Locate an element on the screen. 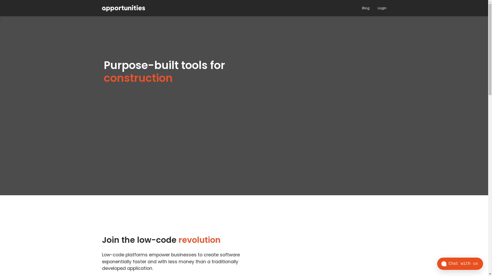  'Blog' is located at coordinates (365, 8).